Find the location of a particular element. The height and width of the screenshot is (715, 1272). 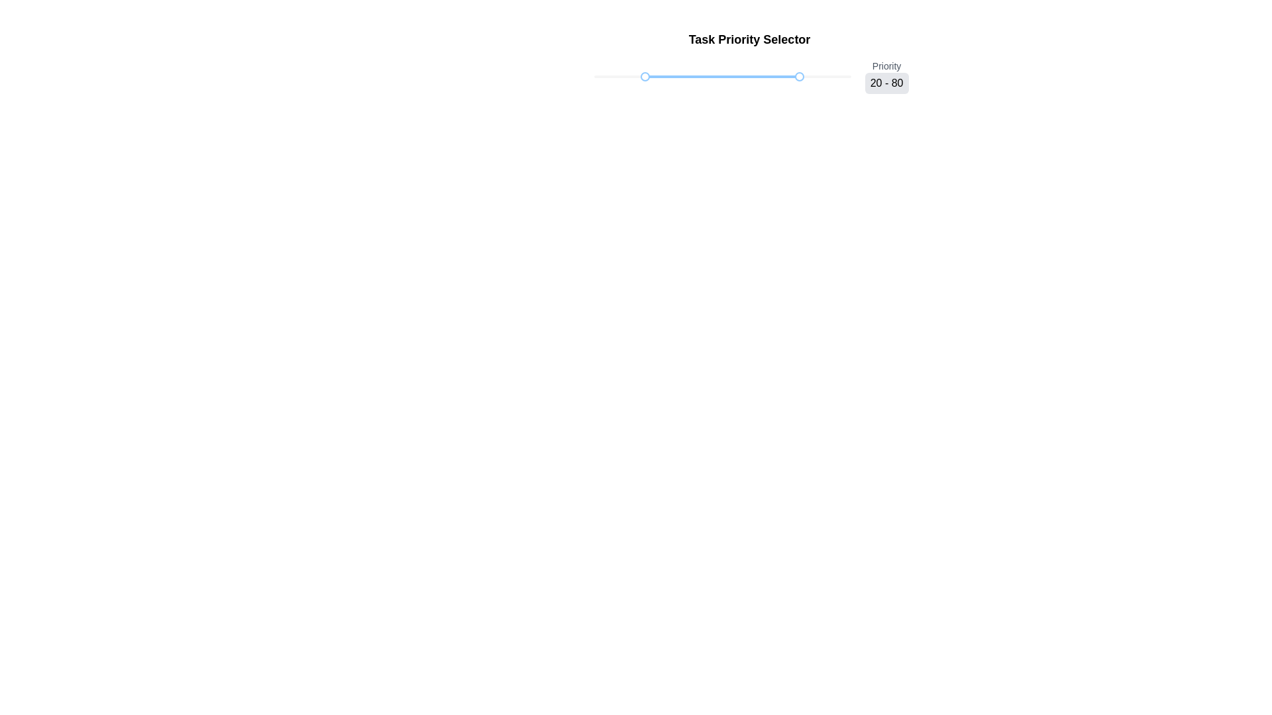

the slider is located at coordinates (629, 76).